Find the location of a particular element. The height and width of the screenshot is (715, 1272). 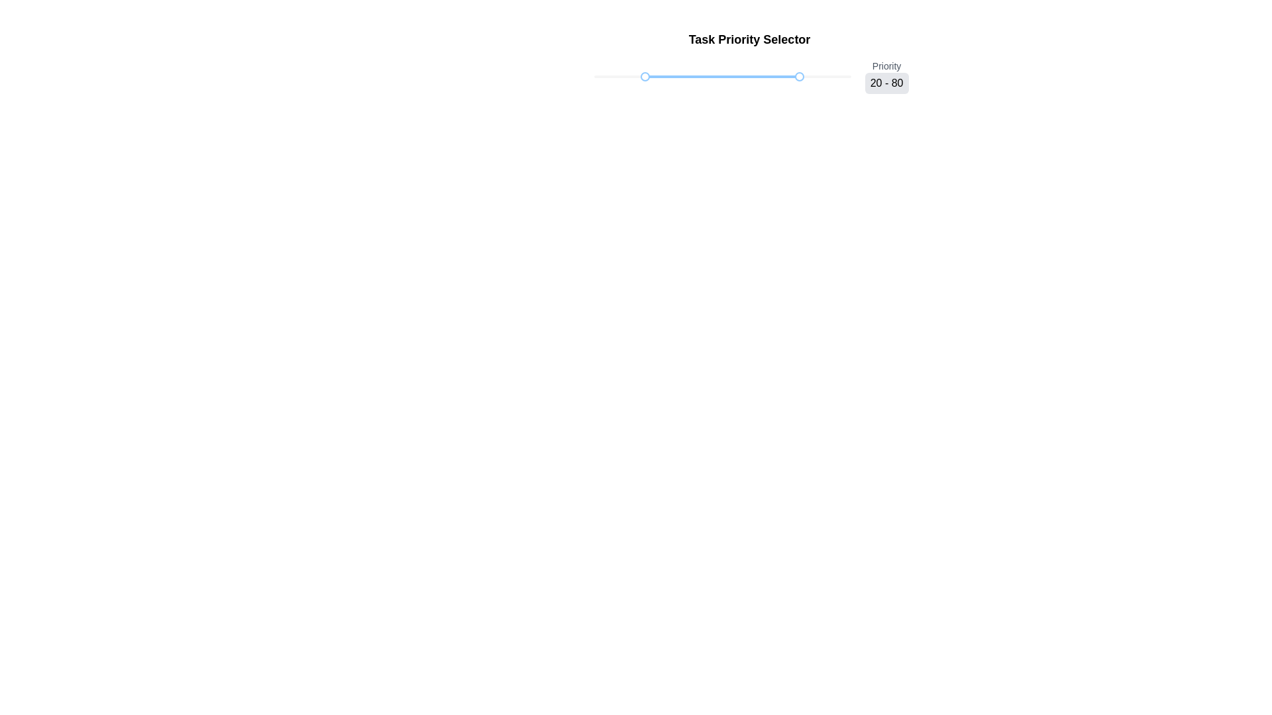

the slider is located at coordinates (629, 76).